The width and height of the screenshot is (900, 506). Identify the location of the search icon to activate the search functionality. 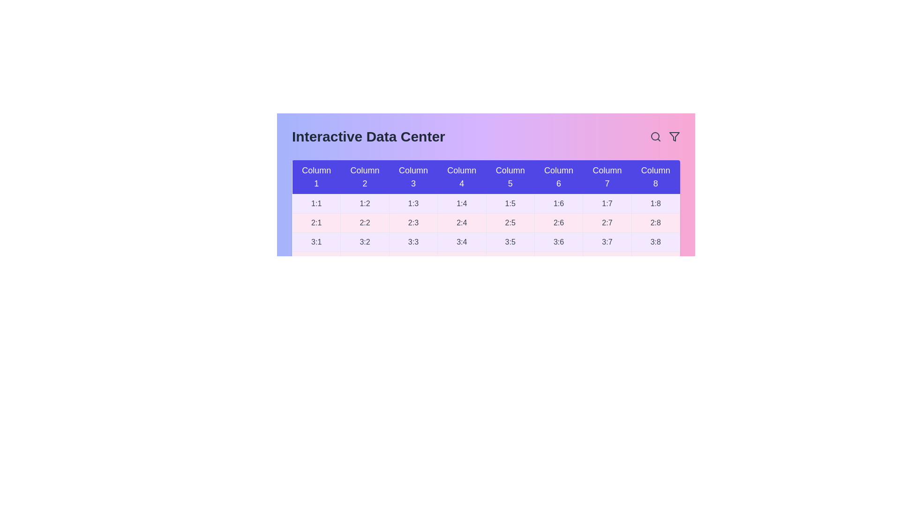
(655, 137).